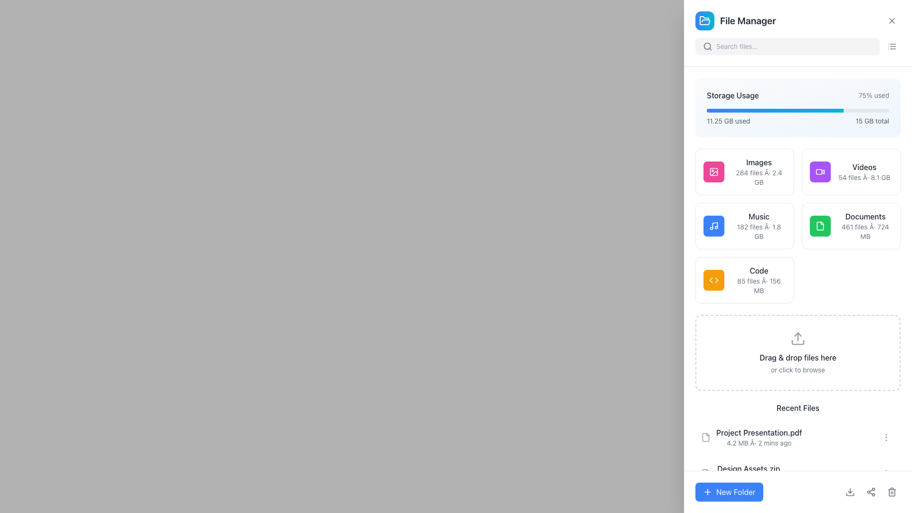 This screenshot has width=912, height=513. Describe the element at coordinates (850, 492) in the screenshot. I see `the download SVG icon located in the lower right corner of the interface` at that location.